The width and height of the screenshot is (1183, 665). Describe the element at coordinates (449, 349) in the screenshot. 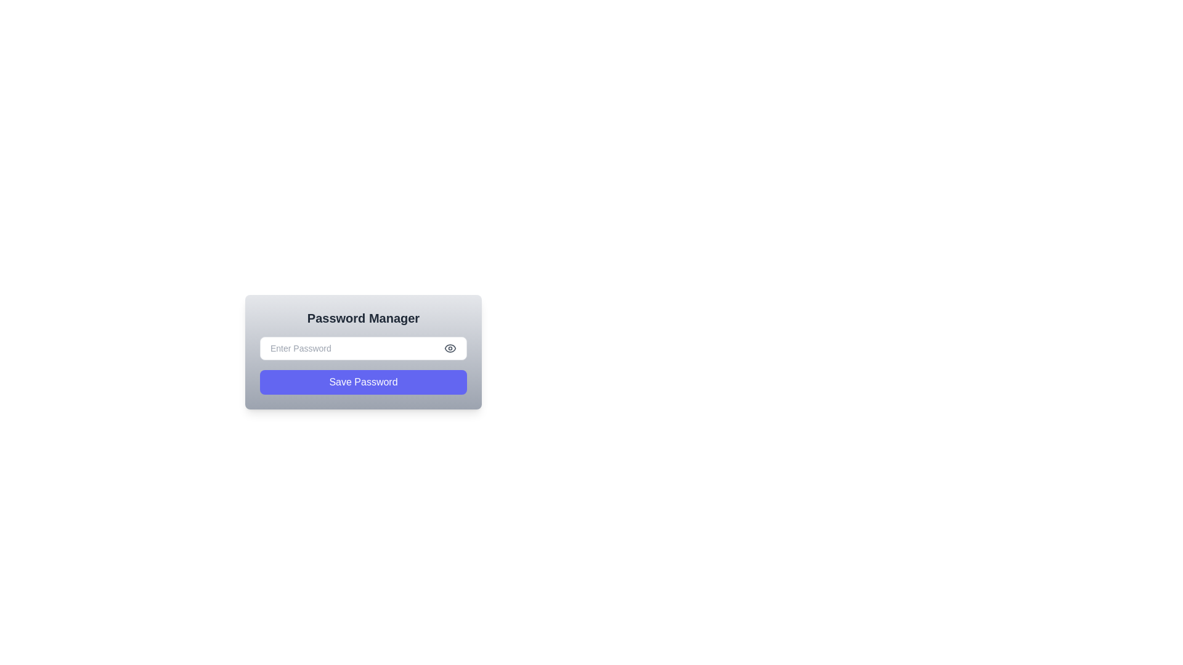

I see `the eye-shaped icon button used for 'view' or 'show password' functionality located to the right of the text input field` at that location.